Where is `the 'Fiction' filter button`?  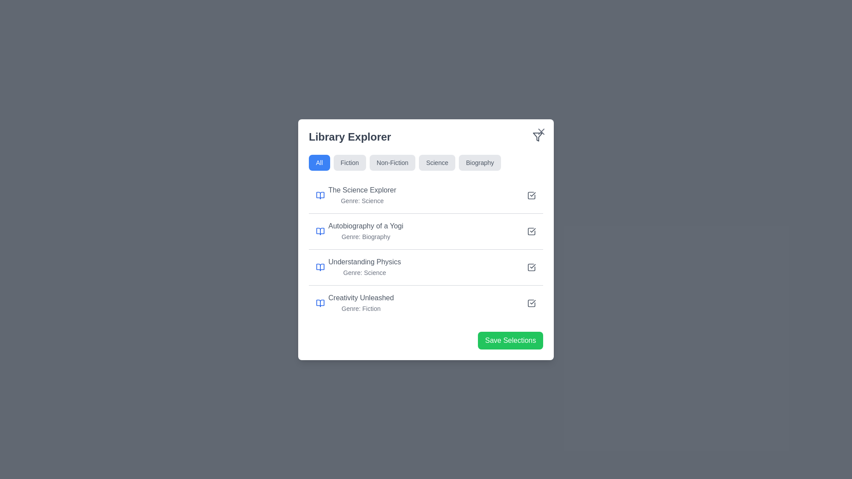
the 'Fiction' filter button is located at coordinates (349, 162).